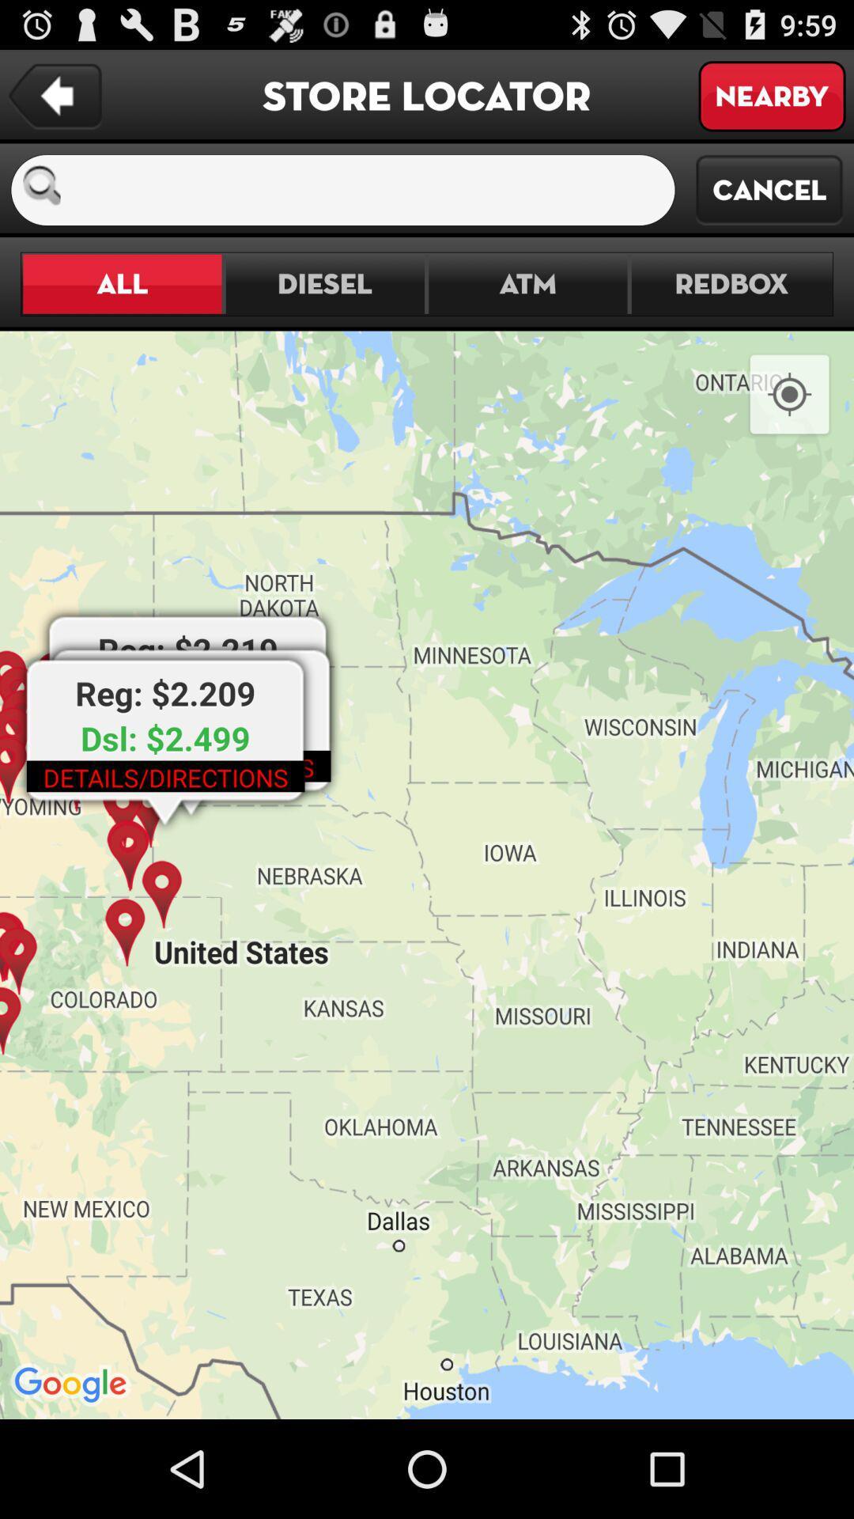 The height and width of the screenshot is (1519, 854). What do you see at coordinates (54, 96) in the screenshot?
I see `previous page` at bounding box center [54, 96].